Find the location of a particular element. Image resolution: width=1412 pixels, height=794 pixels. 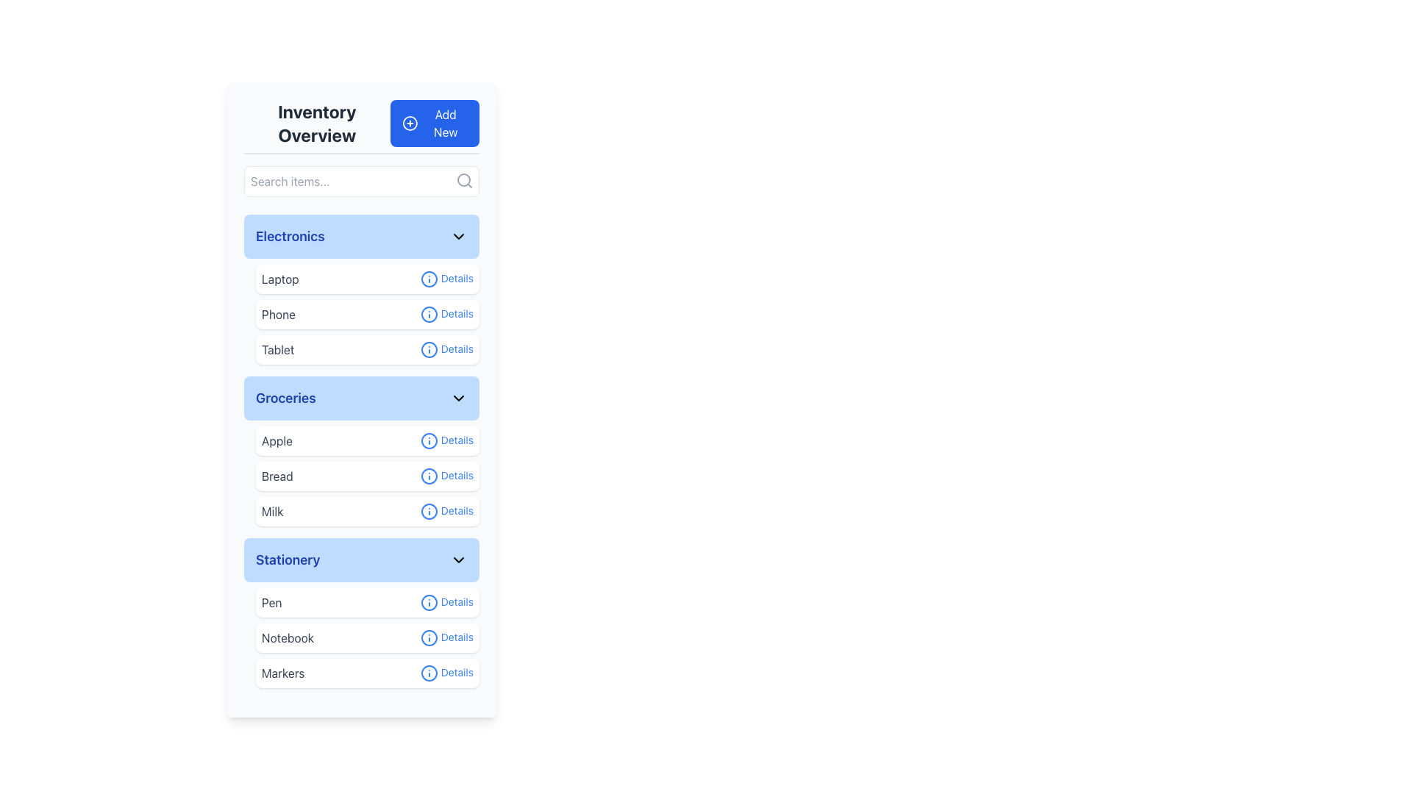

text of the 'Add New' button label, which indicates its functionality to add a new item or entity to the inventory is located at coordinates (445, 123).